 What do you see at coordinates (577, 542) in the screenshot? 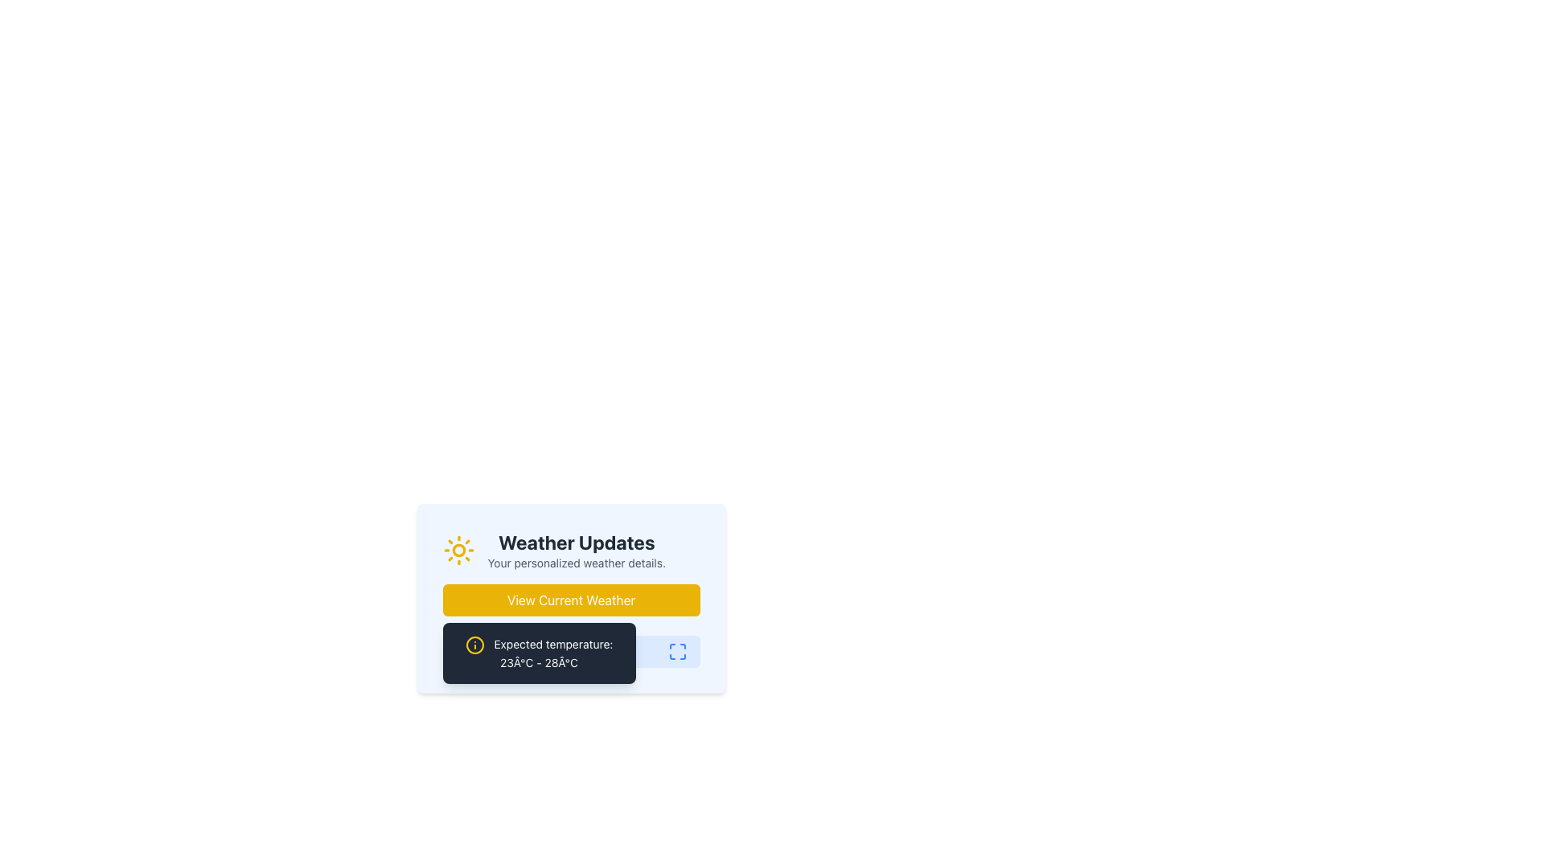
I see `text from the bold header titled 'Weather Updates' which is displayed in a larger font size and styled with dark gray color against a light blue background, located near the center-left of the interface` at bounding box center [577, 542].